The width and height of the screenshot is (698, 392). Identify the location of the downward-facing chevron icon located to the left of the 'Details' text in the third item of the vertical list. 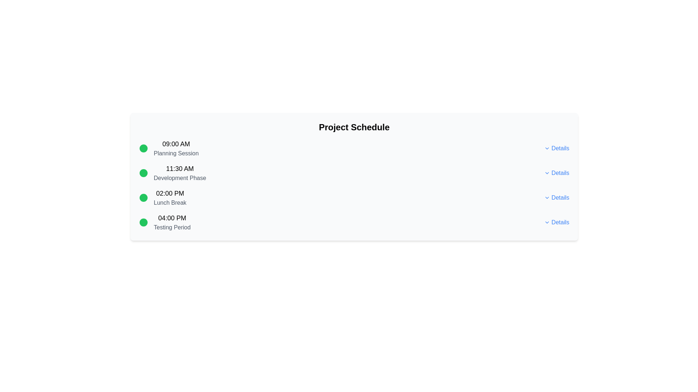
(547, 197).